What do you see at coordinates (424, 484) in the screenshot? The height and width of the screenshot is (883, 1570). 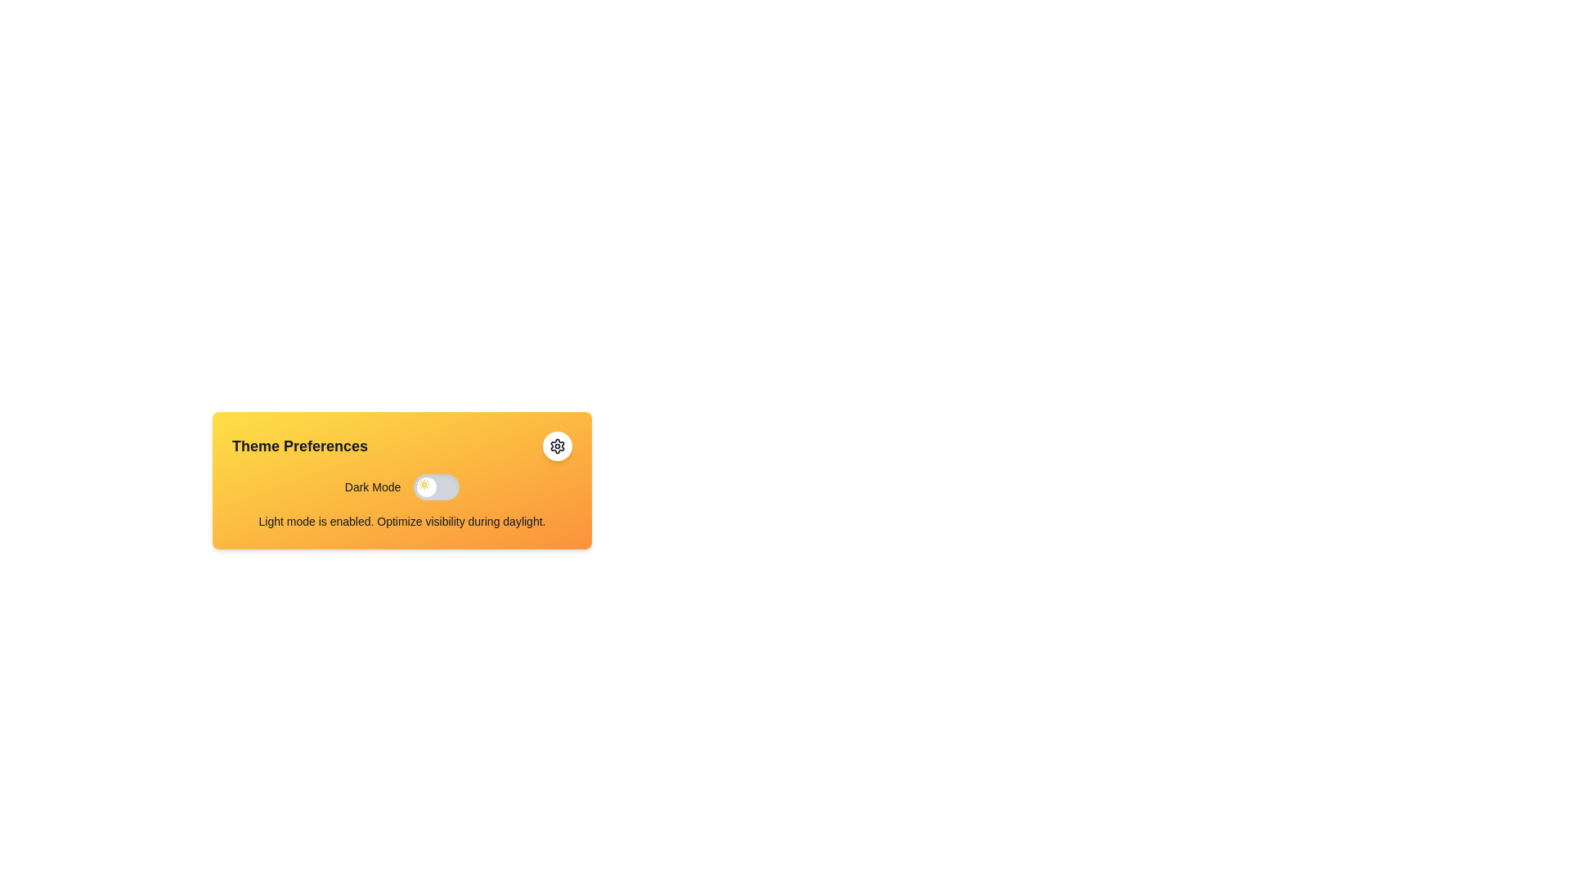 I see `the sun-shaped icon in the 'Dark Mode' toggle switch within the 'Theme Preferences' card` at bounding box center [424, 484].